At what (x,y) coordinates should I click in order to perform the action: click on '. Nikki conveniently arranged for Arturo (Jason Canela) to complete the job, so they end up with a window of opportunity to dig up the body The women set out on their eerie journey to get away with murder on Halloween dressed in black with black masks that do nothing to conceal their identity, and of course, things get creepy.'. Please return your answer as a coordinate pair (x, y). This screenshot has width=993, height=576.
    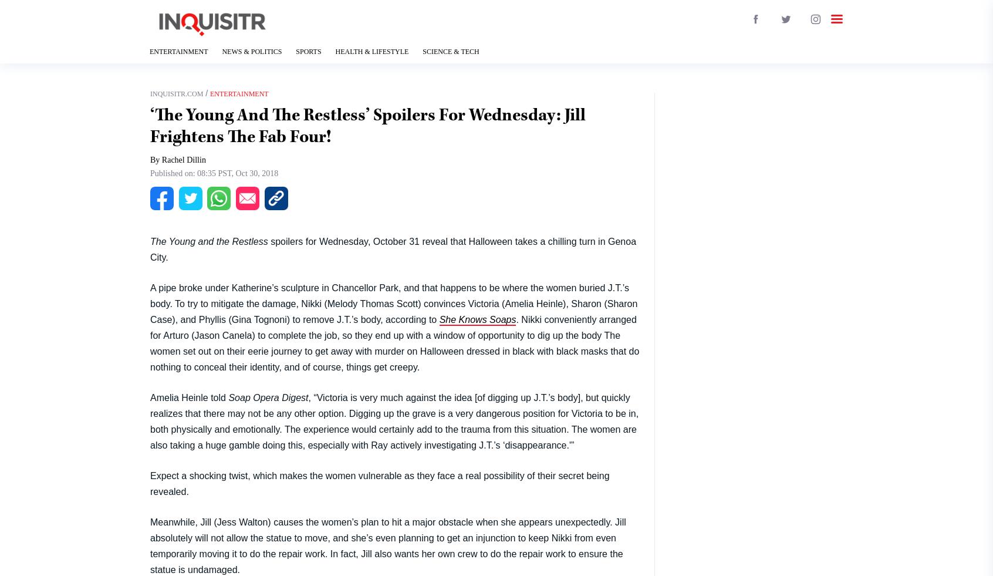
    Looking at the image, I should click on (394, 342).